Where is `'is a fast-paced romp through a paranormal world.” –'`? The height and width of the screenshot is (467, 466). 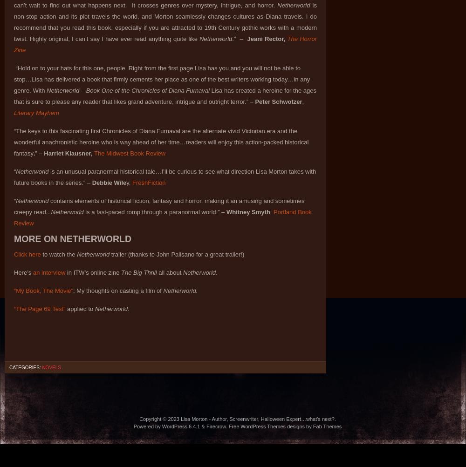 'is a fast-paced romp through a paranormal world.” –' is located at coordinates (153, 212).